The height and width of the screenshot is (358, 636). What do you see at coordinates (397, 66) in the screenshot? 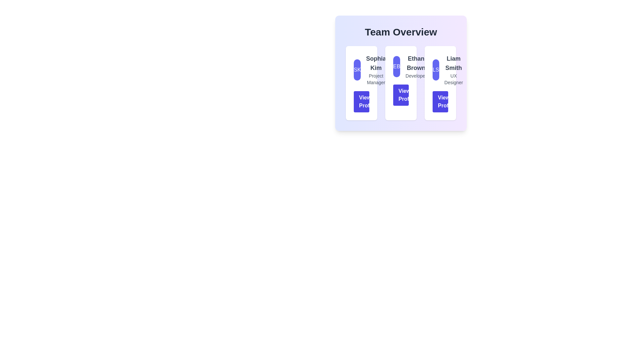
I see `the Avatar representing Ethan Brown, located in the second panel of the 'Team Overview' section, directly above the text 'Ethan Brown' and 'Developer', next to the 'View Profile' button` at bounding box center [397, 66].